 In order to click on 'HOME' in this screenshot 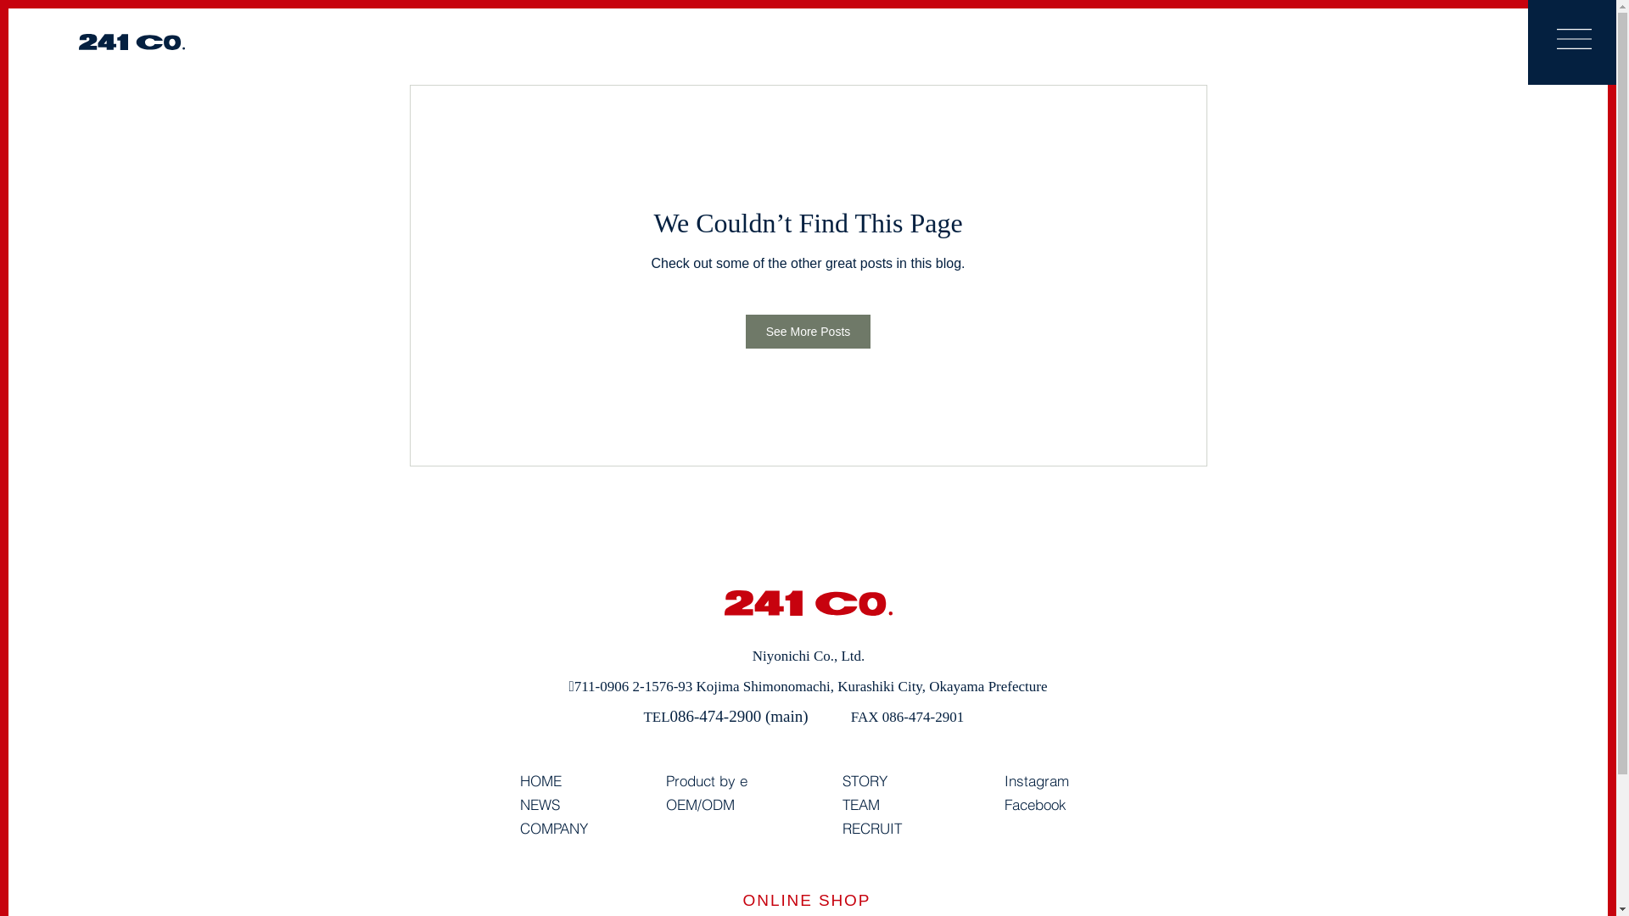, I will do `click(539, 781)`.